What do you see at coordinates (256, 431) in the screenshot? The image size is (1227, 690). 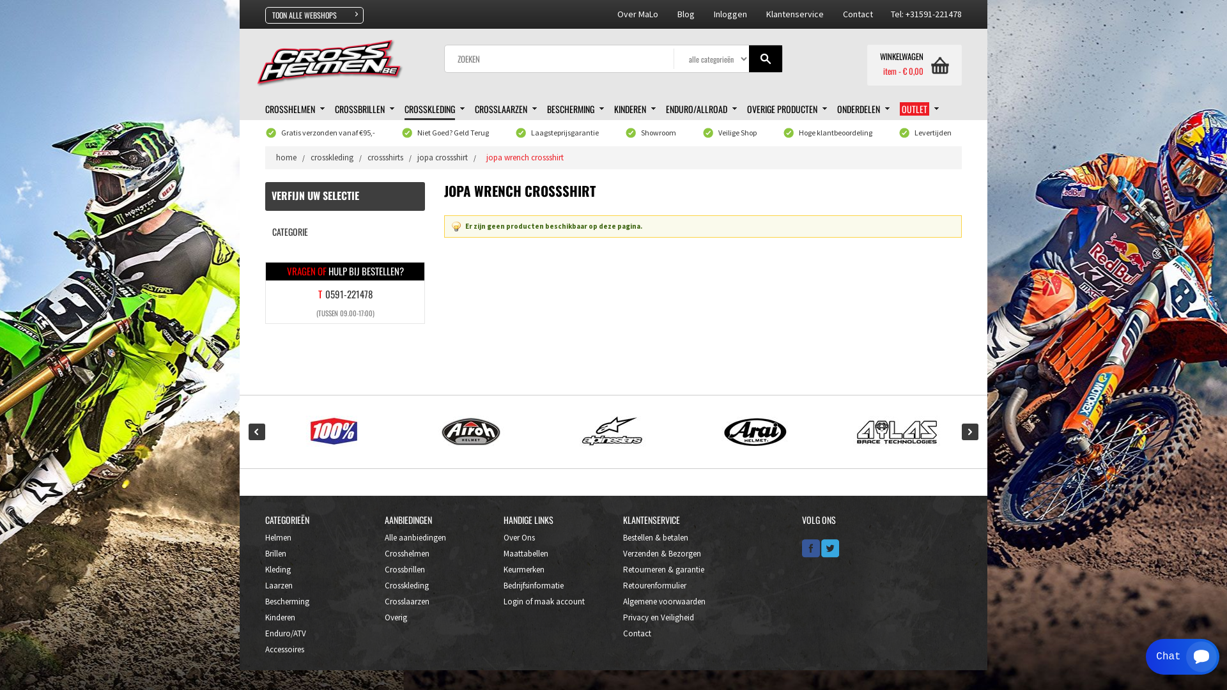 I see `'Prev'` at bounding box center [256, 431].